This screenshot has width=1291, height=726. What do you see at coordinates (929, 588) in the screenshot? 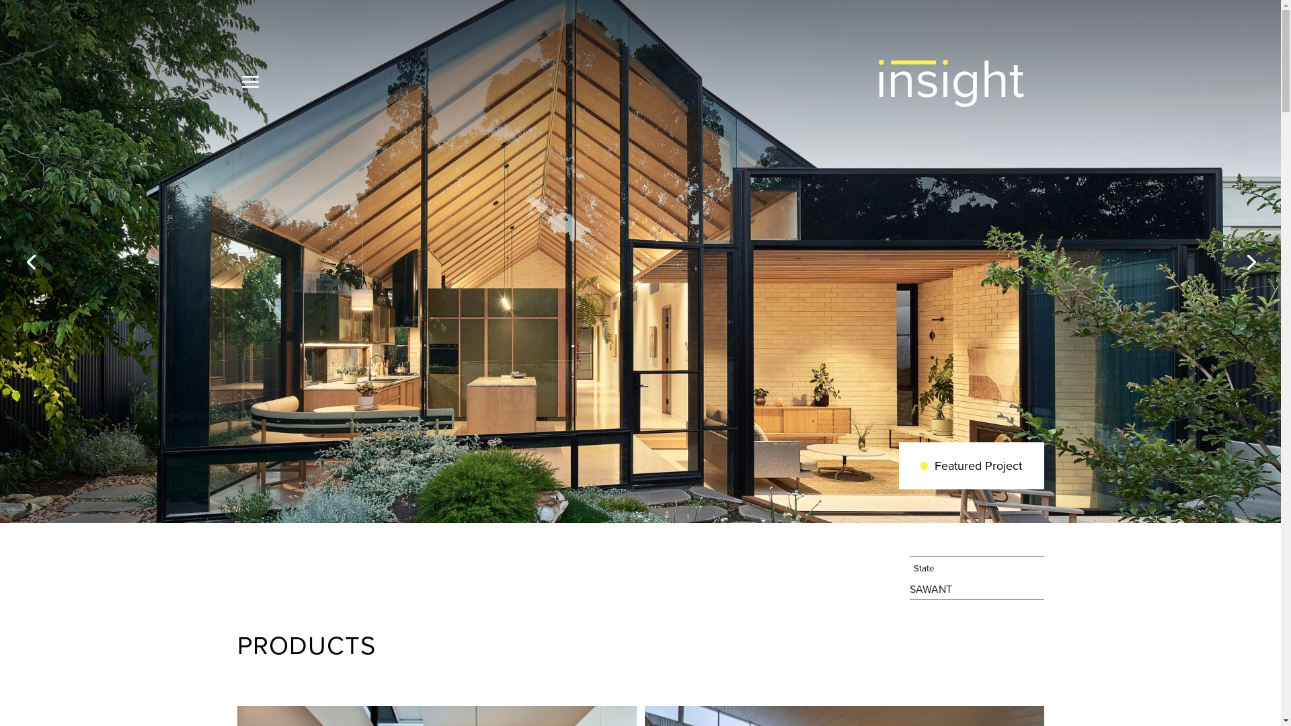
I see `'WA'` at bounding box center [929, 588].